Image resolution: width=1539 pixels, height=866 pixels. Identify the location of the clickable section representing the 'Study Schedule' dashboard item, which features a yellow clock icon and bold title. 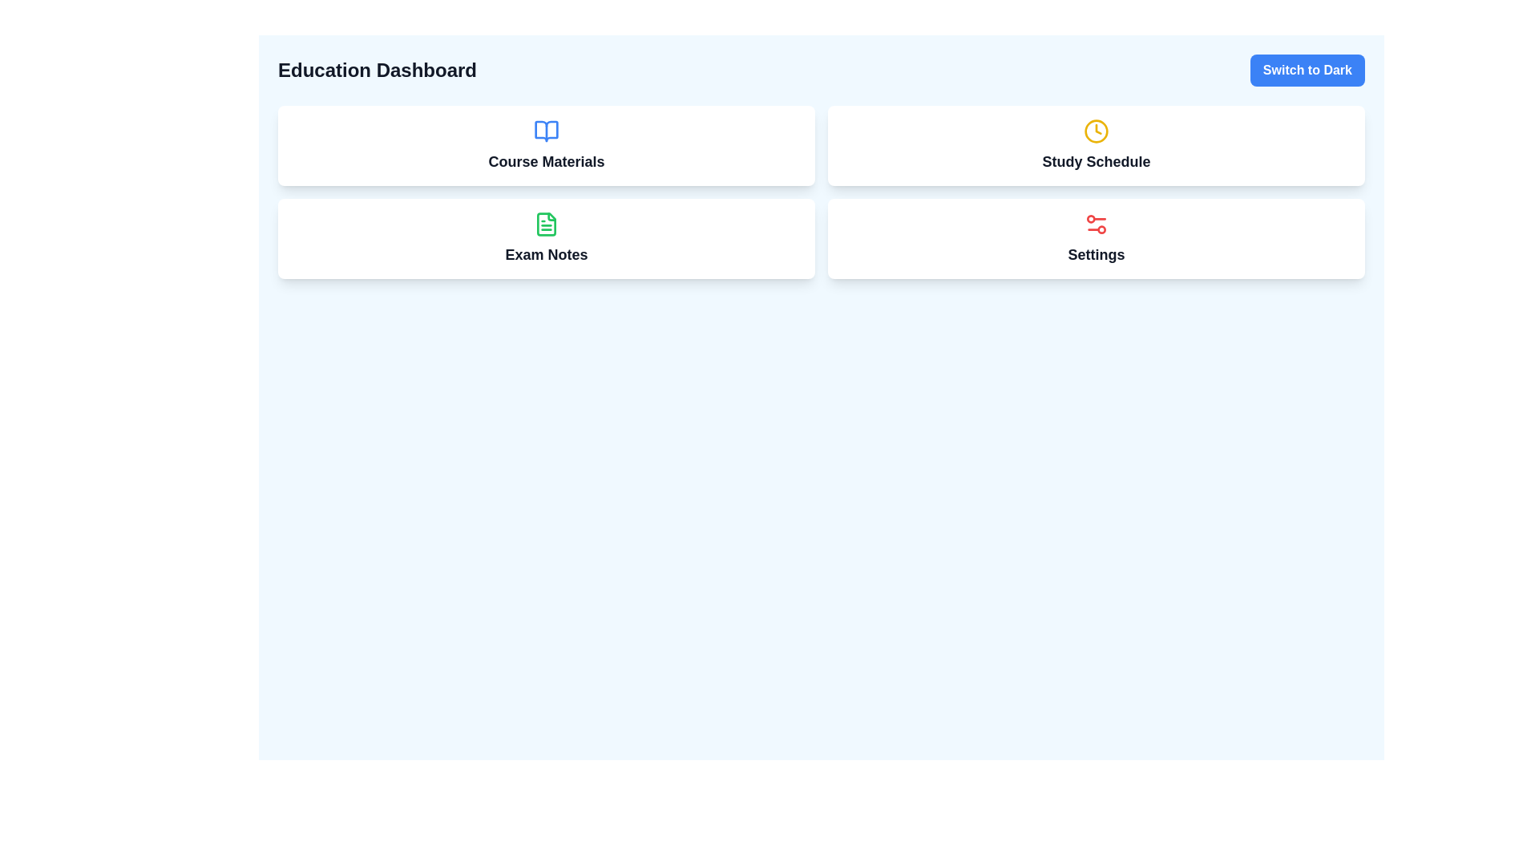
(1096, 145).